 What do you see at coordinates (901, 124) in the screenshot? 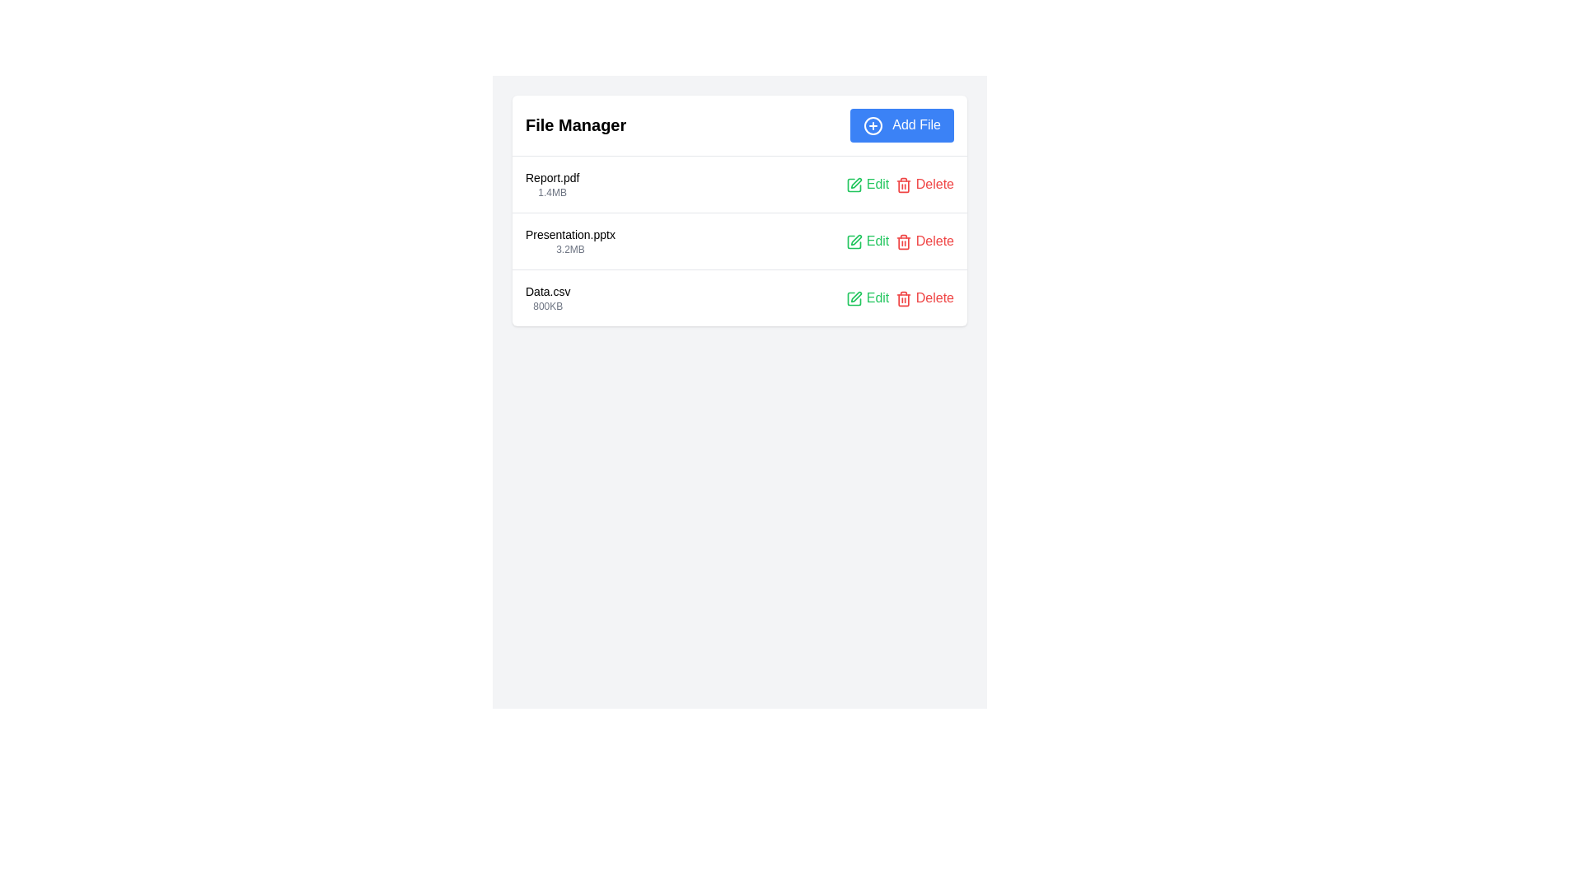
I see `the button in the top right corner of the 'File Manager'` at bounding box center [901, 124].